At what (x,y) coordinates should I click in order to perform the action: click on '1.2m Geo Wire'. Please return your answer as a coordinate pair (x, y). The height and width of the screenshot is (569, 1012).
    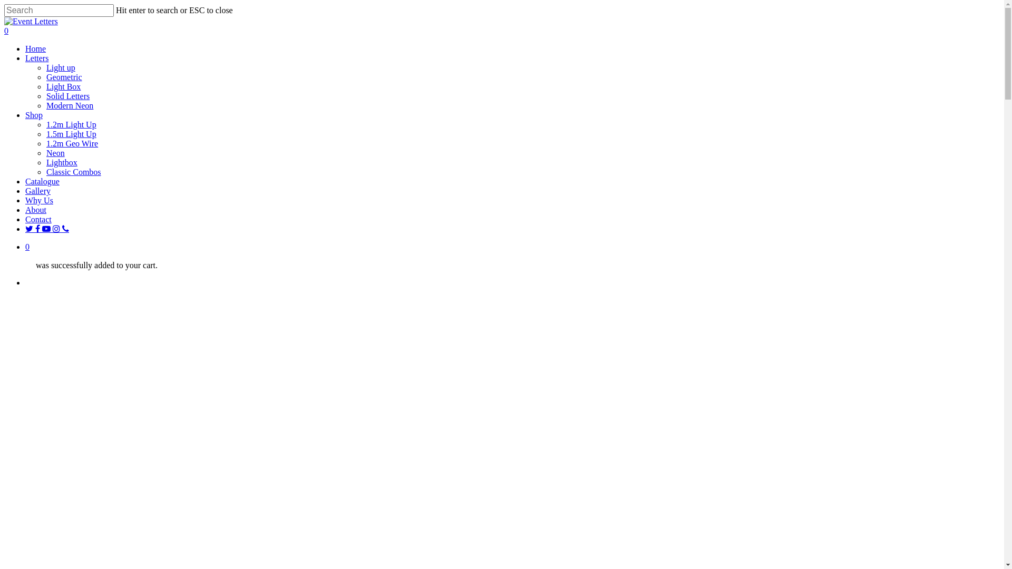
    Looking at the image, I should click on (45, 143).